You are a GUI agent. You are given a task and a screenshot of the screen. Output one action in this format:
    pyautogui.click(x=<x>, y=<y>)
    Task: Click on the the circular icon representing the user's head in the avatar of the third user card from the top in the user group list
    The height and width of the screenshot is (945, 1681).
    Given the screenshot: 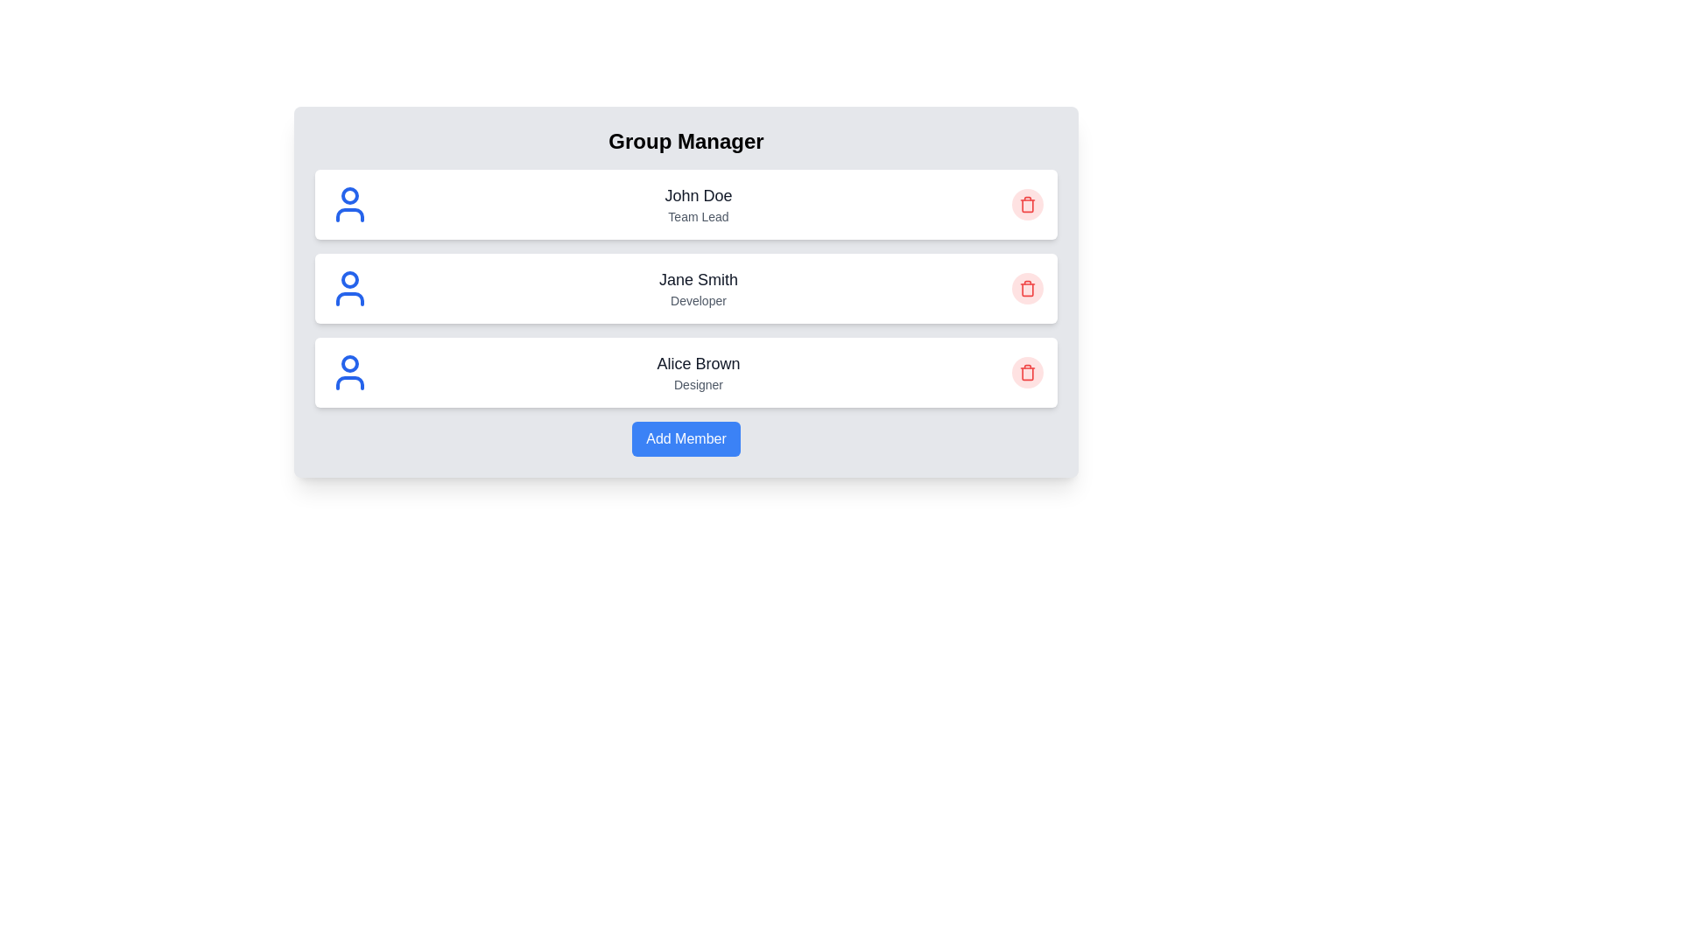 What is the action you would take?
    pyautogui.click(x=349, y=363)
    